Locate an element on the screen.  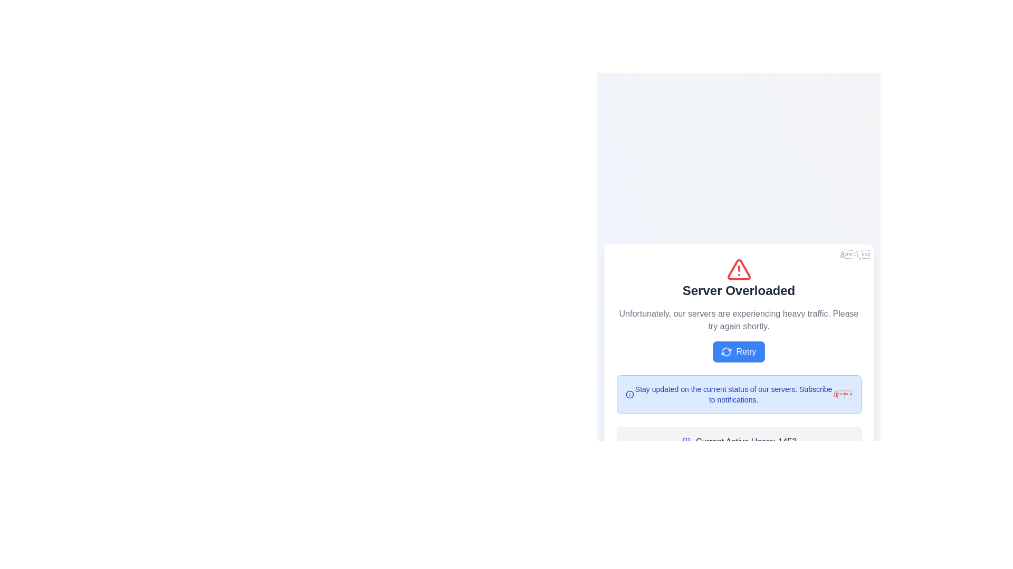
the 'Retry' button with a blue background and rounded corners, located beneath the server traffic message, to initiate a retry action is located at coordinates (738, 357).